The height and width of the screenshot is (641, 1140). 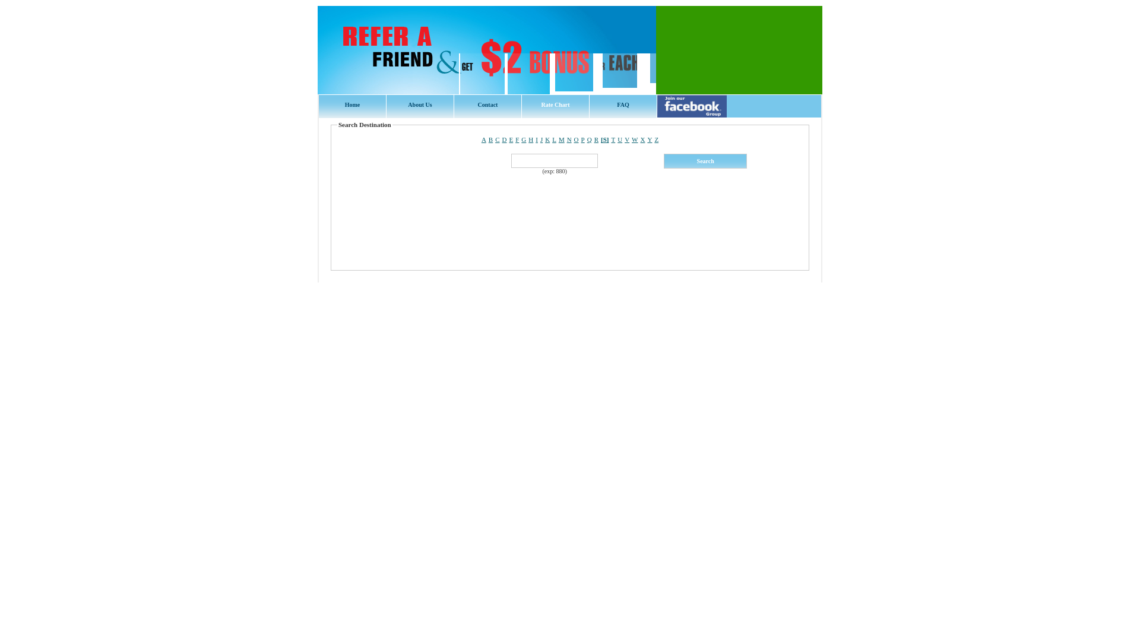 What do you see at coordinates (560, 139) in the screenshot?
I see `'M'` at bounding box center [560, 139].